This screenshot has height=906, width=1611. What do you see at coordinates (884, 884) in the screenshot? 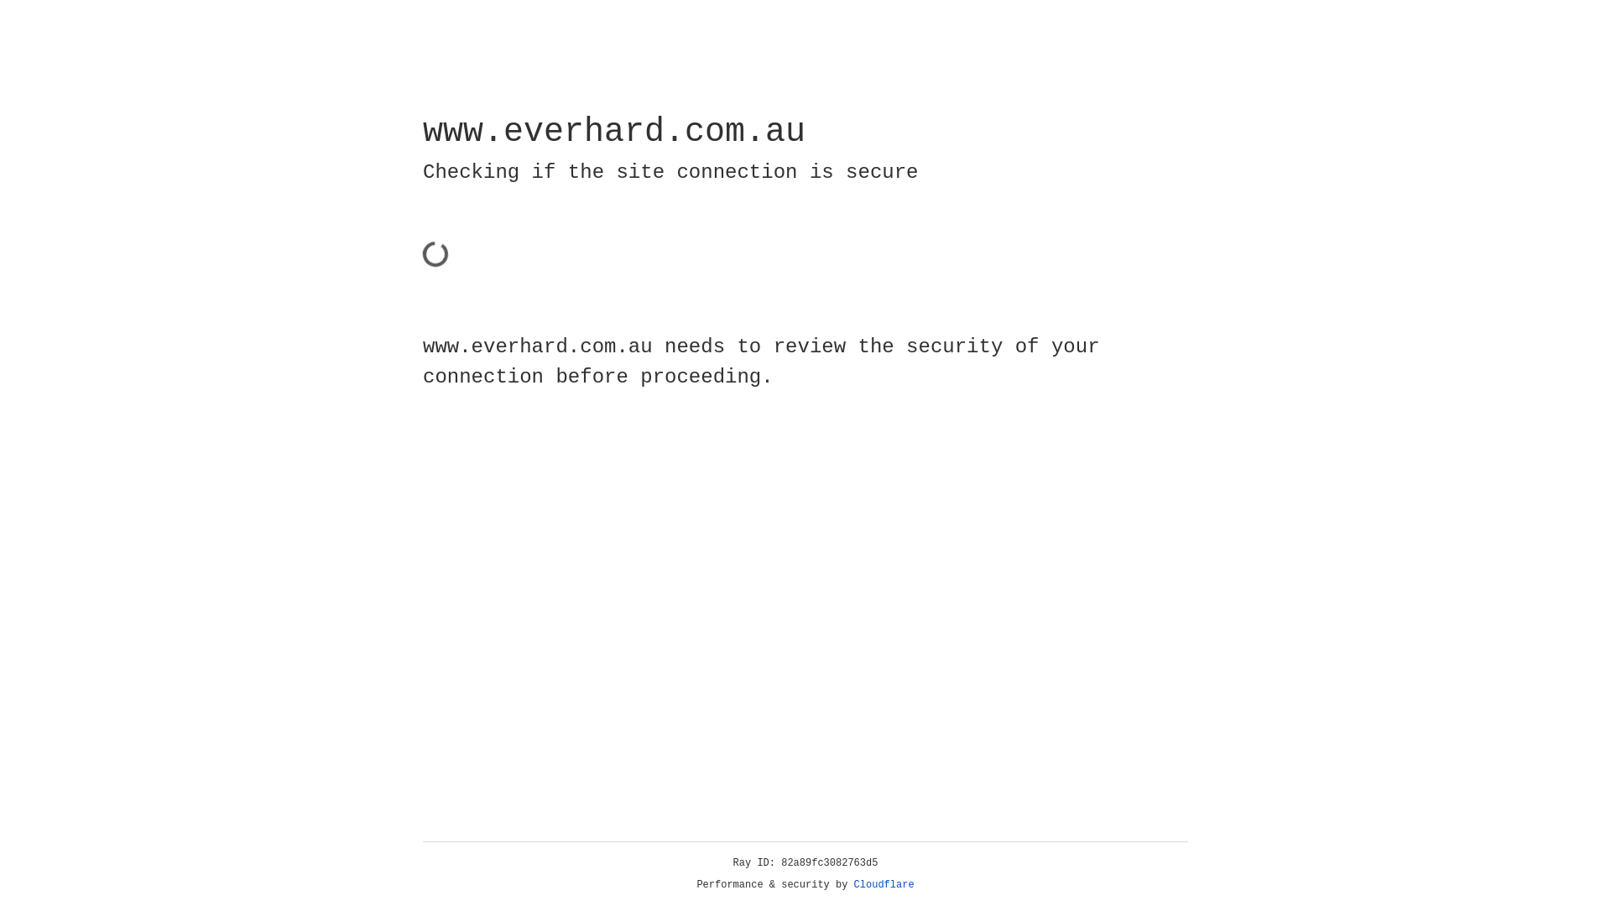
I see `'Cloudflare'` at bounding box center [884, 884].